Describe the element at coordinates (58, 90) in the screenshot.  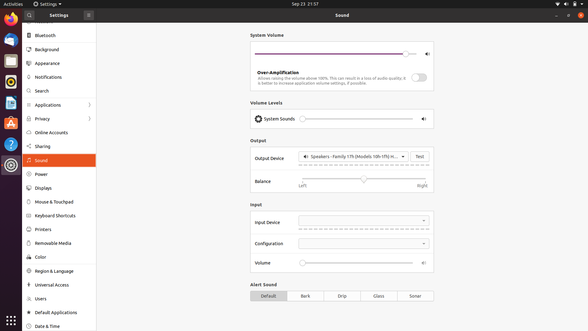
I see `the settings of online accounts via search` at that location.